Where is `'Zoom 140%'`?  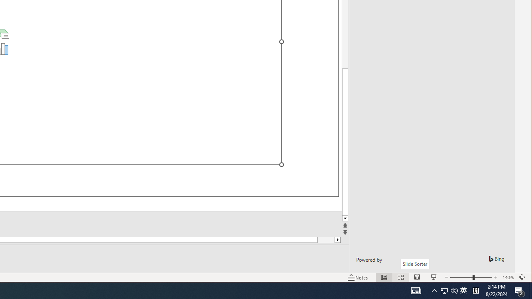
'Zoom 140%' is located at coordinates (507, 277).